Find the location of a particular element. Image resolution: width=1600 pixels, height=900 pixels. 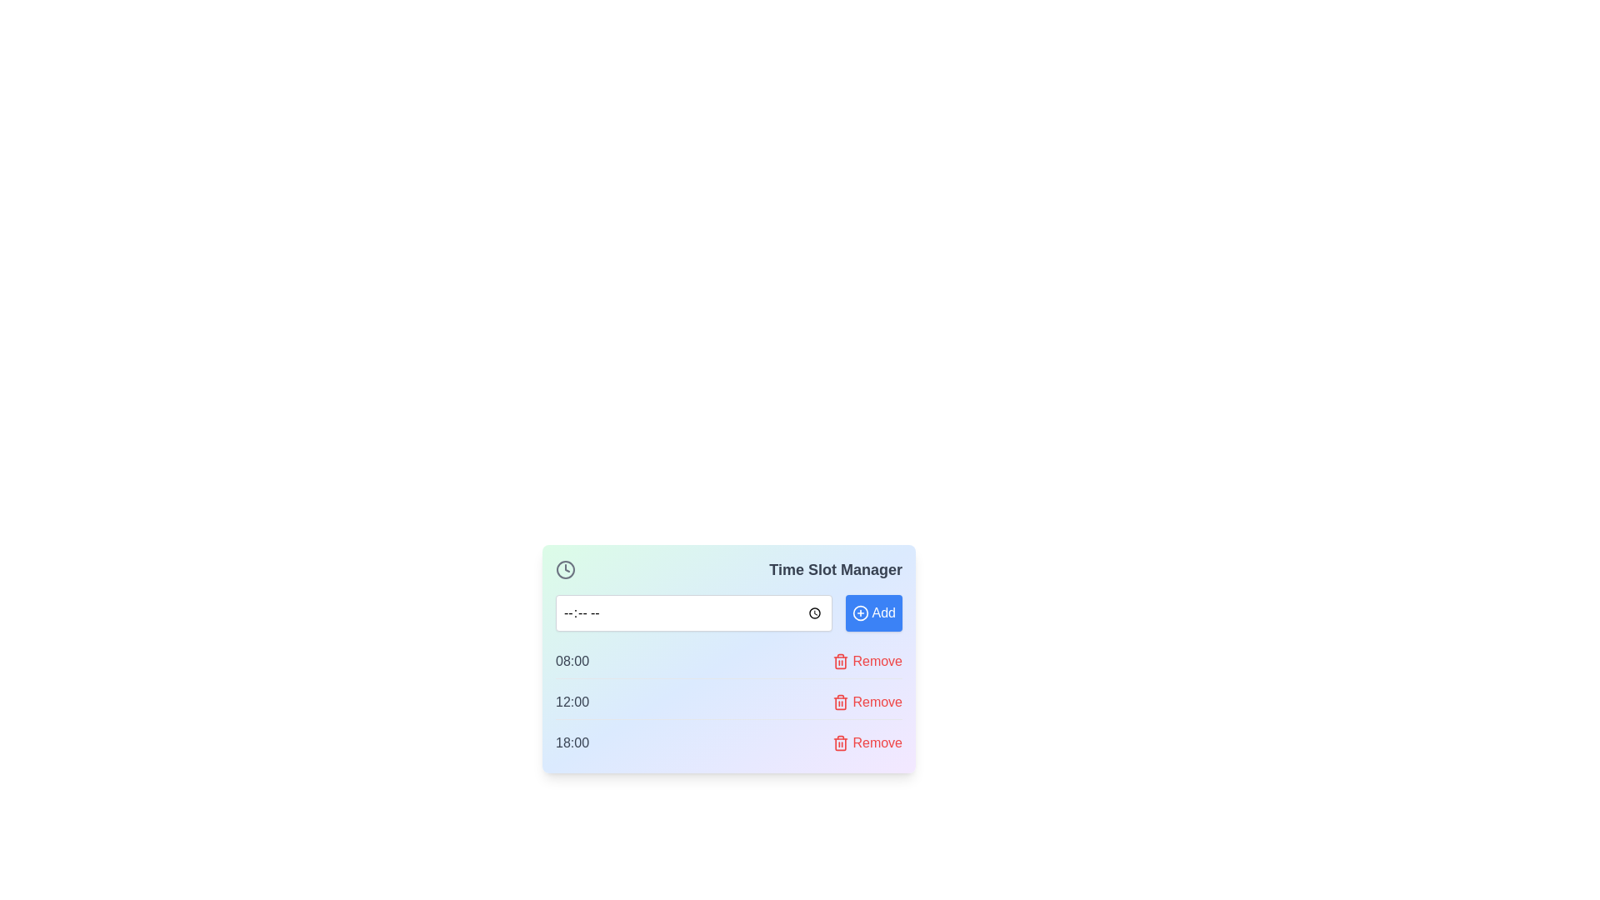

the time-related icon located in the 'Time Slot Manager' section, positioned at the top-left corner of the section, to the far left of the header text is located at coordinates (565, 568).